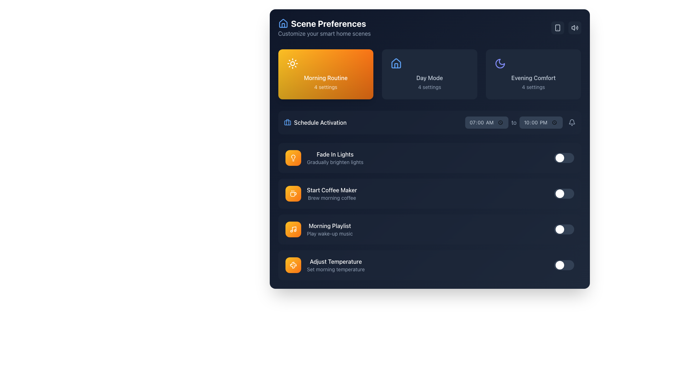  What do you see at coordinates (541, 122) in the screenshot?
I see `the Time display/input box with the text '10:00 PM'` at bounding box center [541, 122].